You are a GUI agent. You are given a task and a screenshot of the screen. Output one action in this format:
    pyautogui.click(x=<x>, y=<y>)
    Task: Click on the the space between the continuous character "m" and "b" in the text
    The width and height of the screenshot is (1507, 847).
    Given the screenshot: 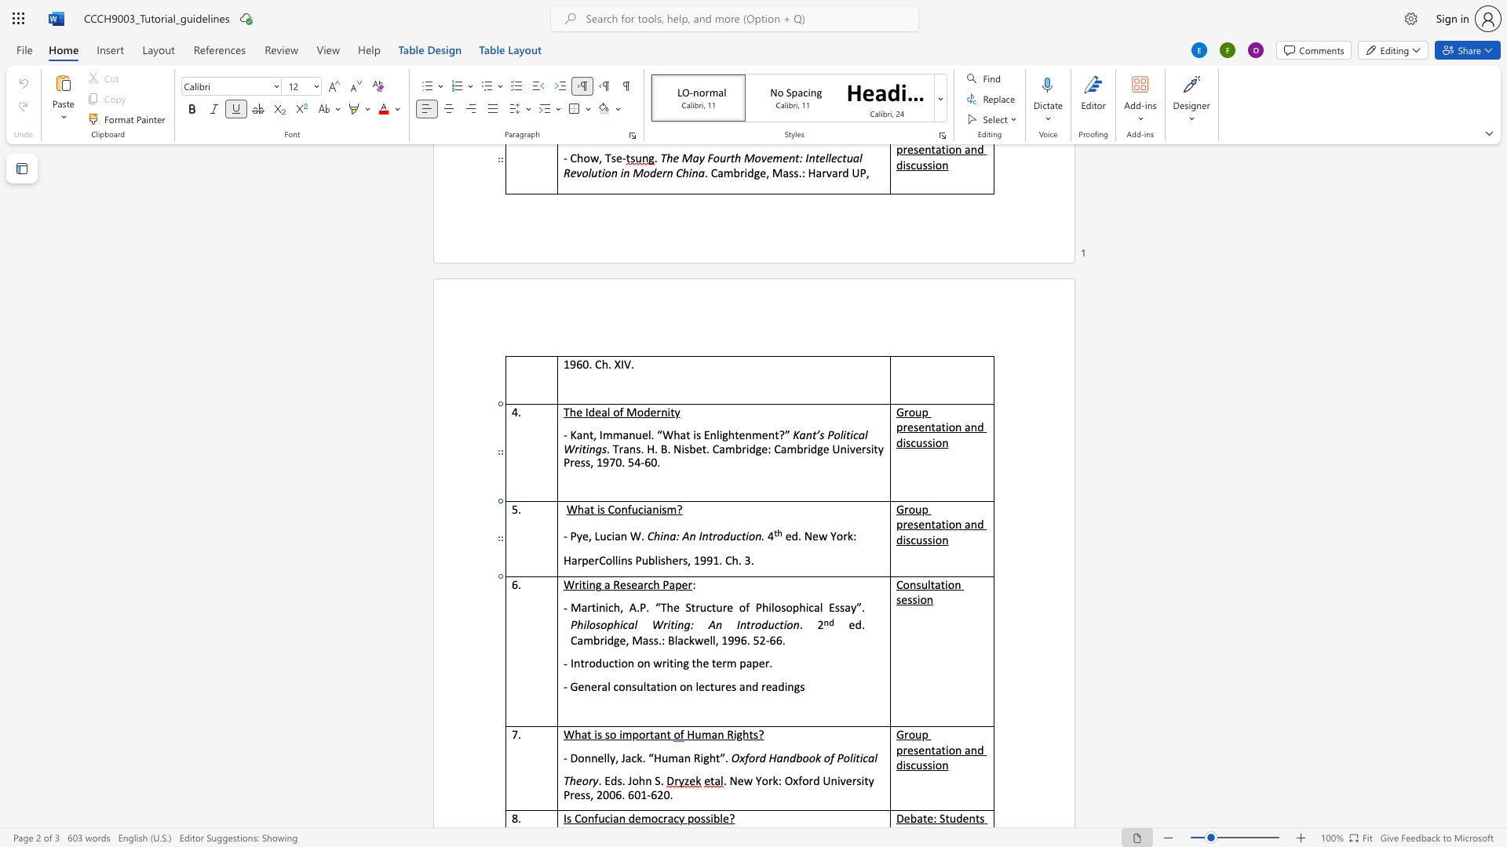 What is the action you would take?
    pyautogui.click(x=591, y=640)
    